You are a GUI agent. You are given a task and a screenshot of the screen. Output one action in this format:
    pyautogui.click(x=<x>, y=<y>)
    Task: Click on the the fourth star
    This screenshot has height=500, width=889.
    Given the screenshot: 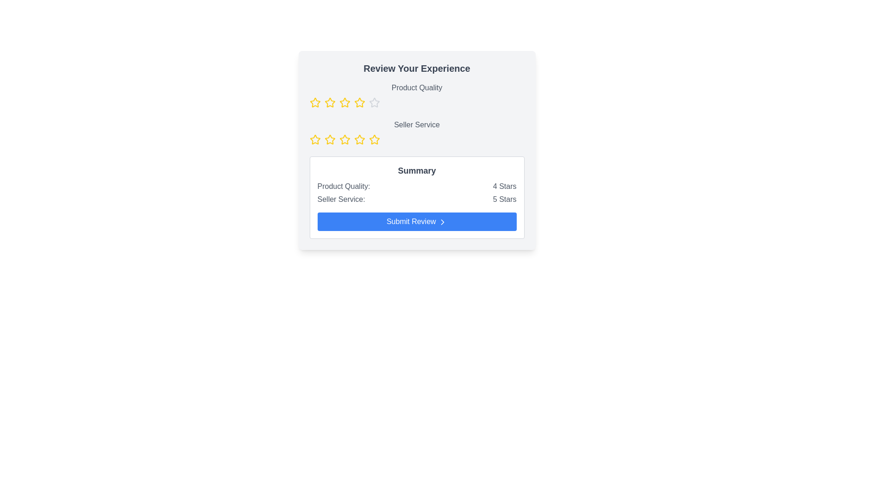 What is the action you would take?
    pyautogui.click(x=374, y=102)
    